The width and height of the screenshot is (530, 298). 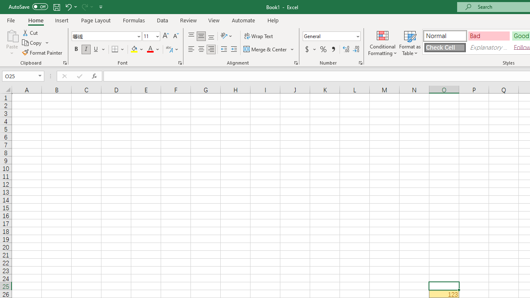 What do you see at coordinates (258, 36) in the screenshot?
I see `'Wrap Text'` at bounding box center [258, 36].